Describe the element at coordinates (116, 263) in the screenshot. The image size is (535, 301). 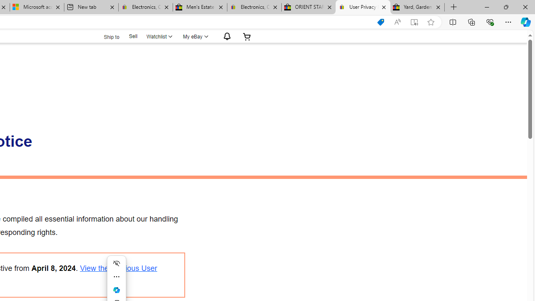
I see `'Hide menu'` at that location.